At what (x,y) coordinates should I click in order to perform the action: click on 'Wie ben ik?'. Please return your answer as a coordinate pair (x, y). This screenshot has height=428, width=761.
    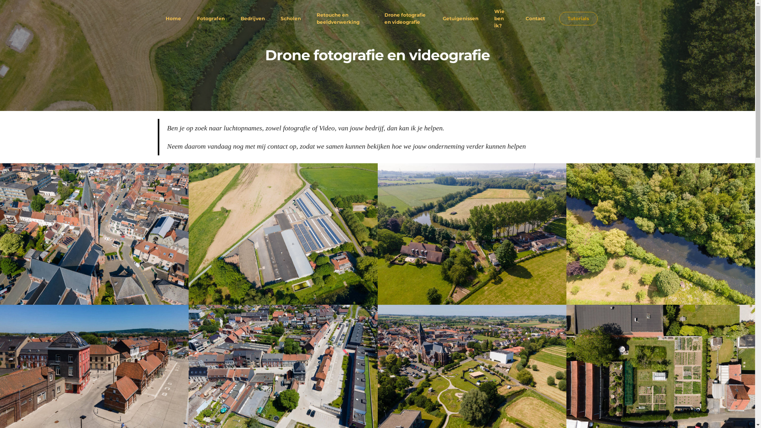
    Looking at the image, I should click on (502, 18).